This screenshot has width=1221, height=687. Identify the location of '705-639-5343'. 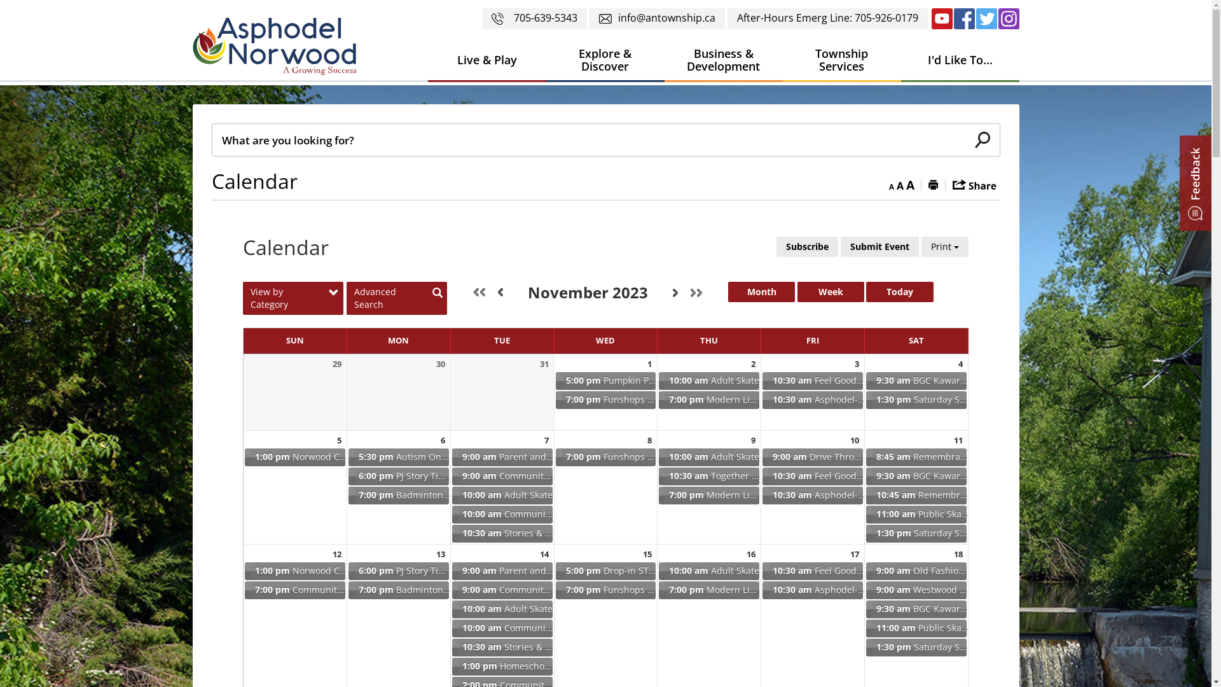
(481, 18).